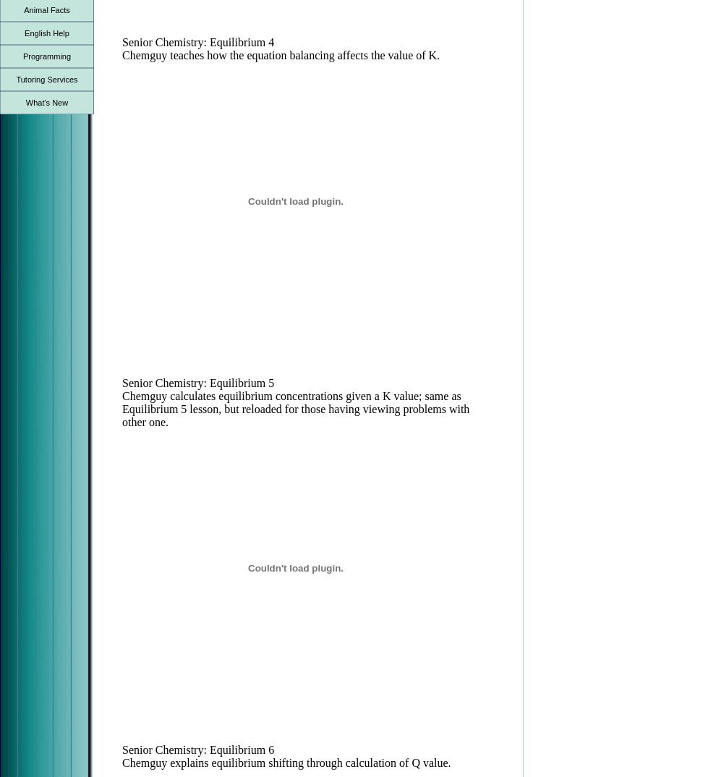  I want to click on 'Chemguy calculates equilibrium concentrations given a K value; same as Equilibrium 5 lesson, but reloaded for those having viewing problems with other one.', so click(294, 408).